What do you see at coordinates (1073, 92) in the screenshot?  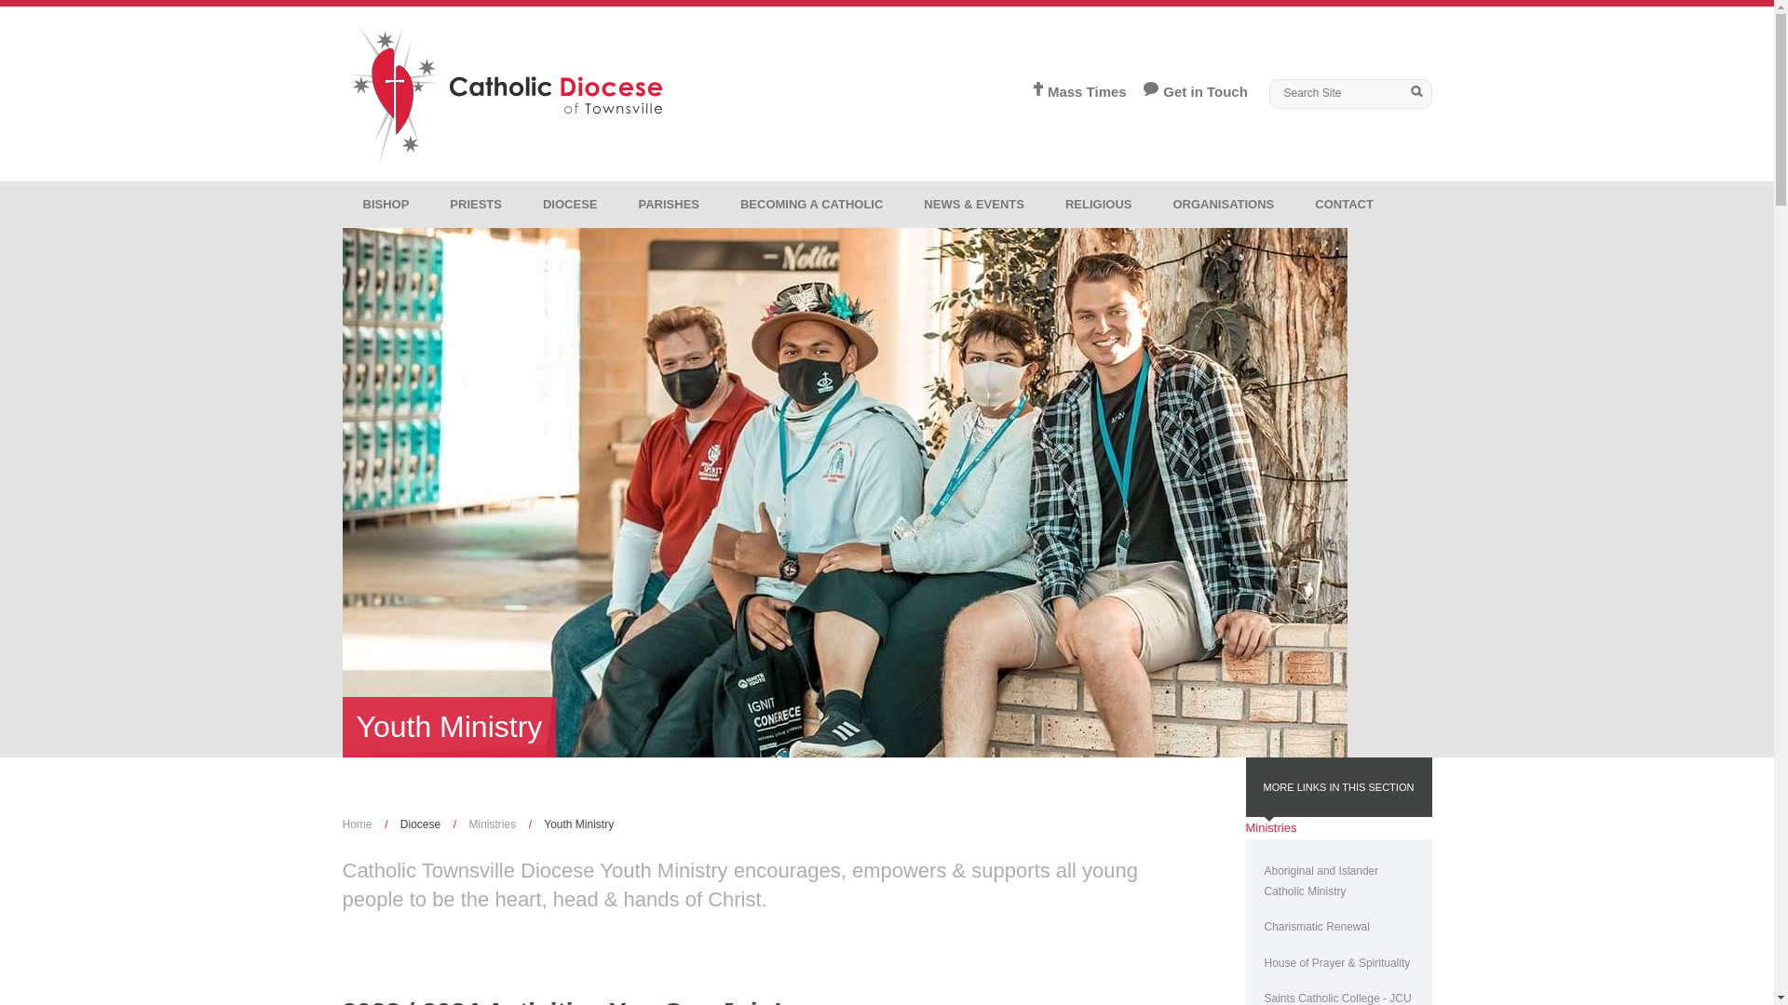 I see `'Mass Times'` at bounding box center [1073, 92].